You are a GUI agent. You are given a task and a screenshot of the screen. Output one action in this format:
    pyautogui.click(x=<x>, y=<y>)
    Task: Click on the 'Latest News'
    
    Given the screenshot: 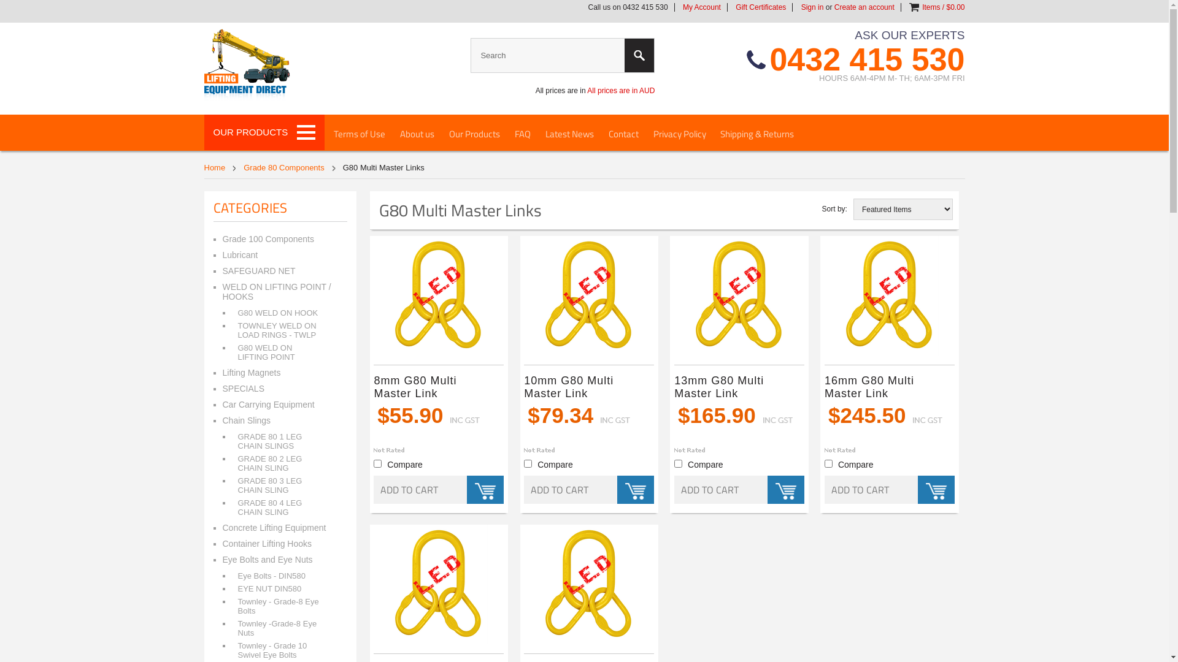 What is the action you would take?
    pyautogui.click(x=544, y=134)
    